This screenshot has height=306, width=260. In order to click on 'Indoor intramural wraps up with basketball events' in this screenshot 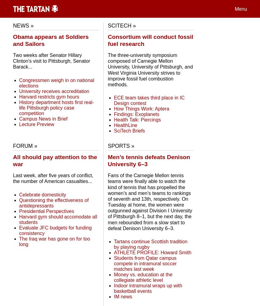, I will do `click(113, 288)`.